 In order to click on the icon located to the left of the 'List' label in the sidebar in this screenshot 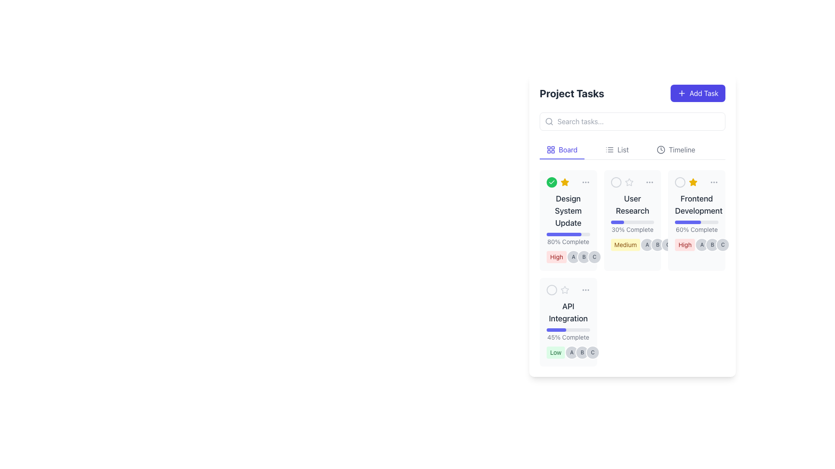, I will do `click(609, 149)`.